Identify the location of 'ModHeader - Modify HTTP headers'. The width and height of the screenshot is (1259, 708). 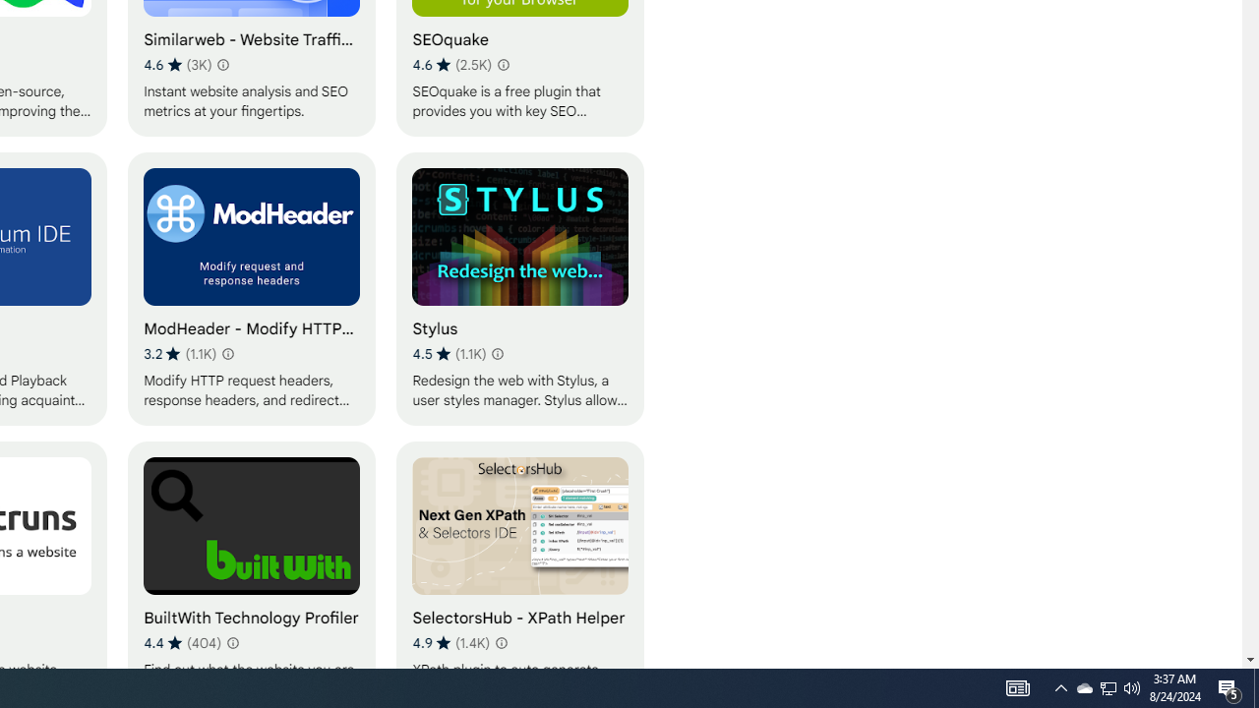
(251, 288).